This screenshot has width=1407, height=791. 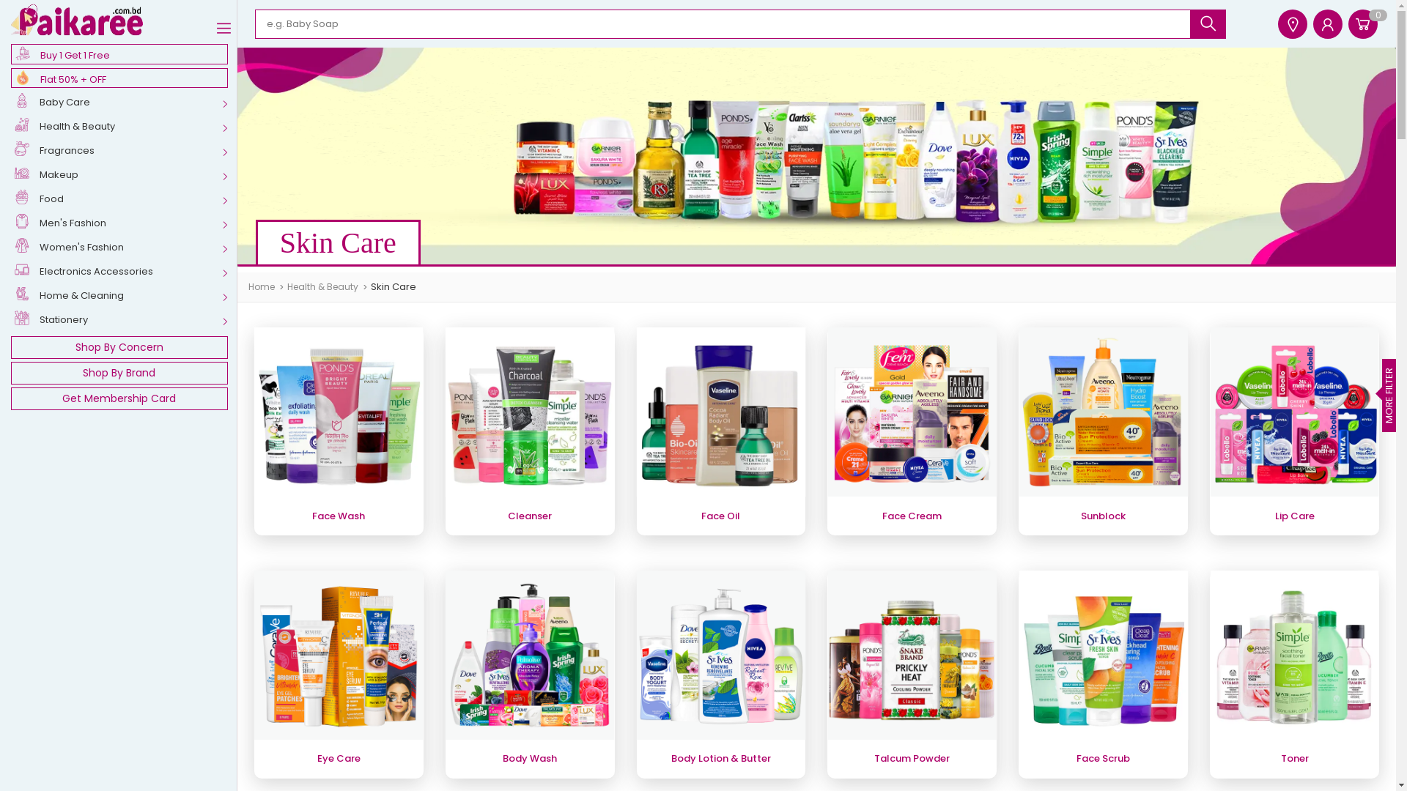 I want to click on 'Body Lotion & Butter', so click(x=721, y=675).